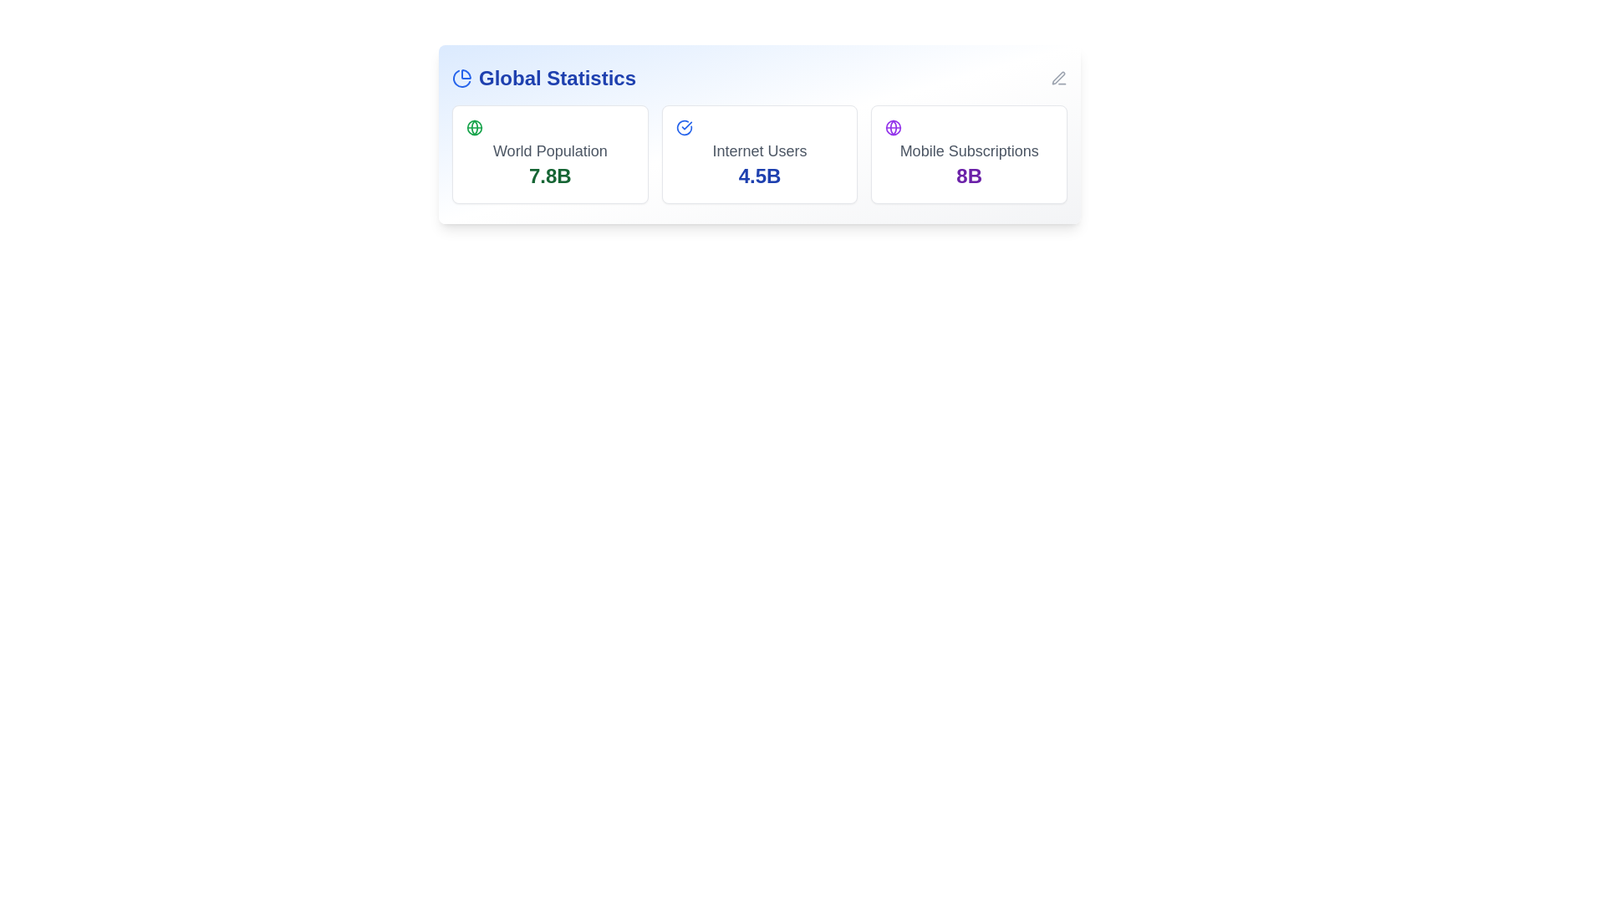 The width and height of the screenshot is (1605, 903). I want to click on the Information card displaying the number of internet users in billions, which is the second card in a grid layout, so click(758, 155).